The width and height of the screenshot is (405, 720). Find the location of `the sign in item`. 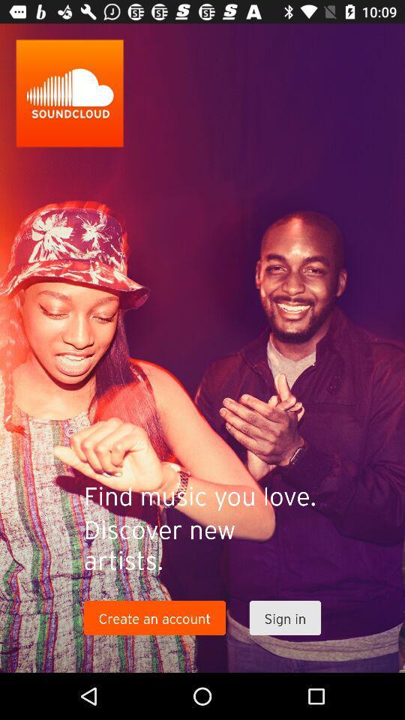

the sign in item is located at coordinates (285, 618).